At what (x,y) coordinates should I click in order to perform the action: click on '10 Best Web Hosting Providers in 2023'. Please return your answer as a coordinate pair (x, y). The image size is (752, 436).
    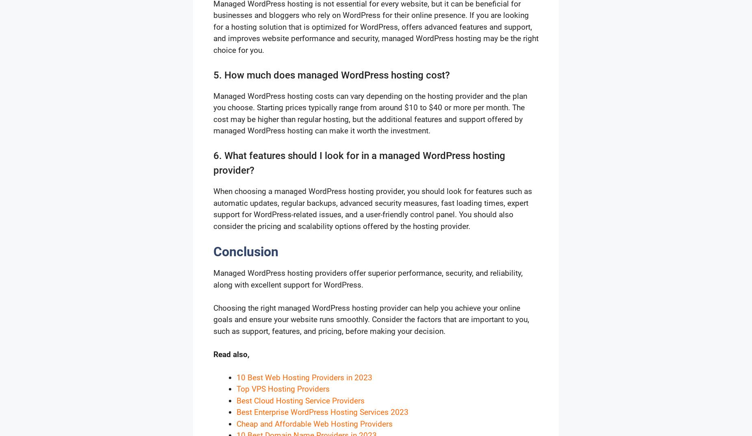
    Looking at the image, I should click on (304, 377).